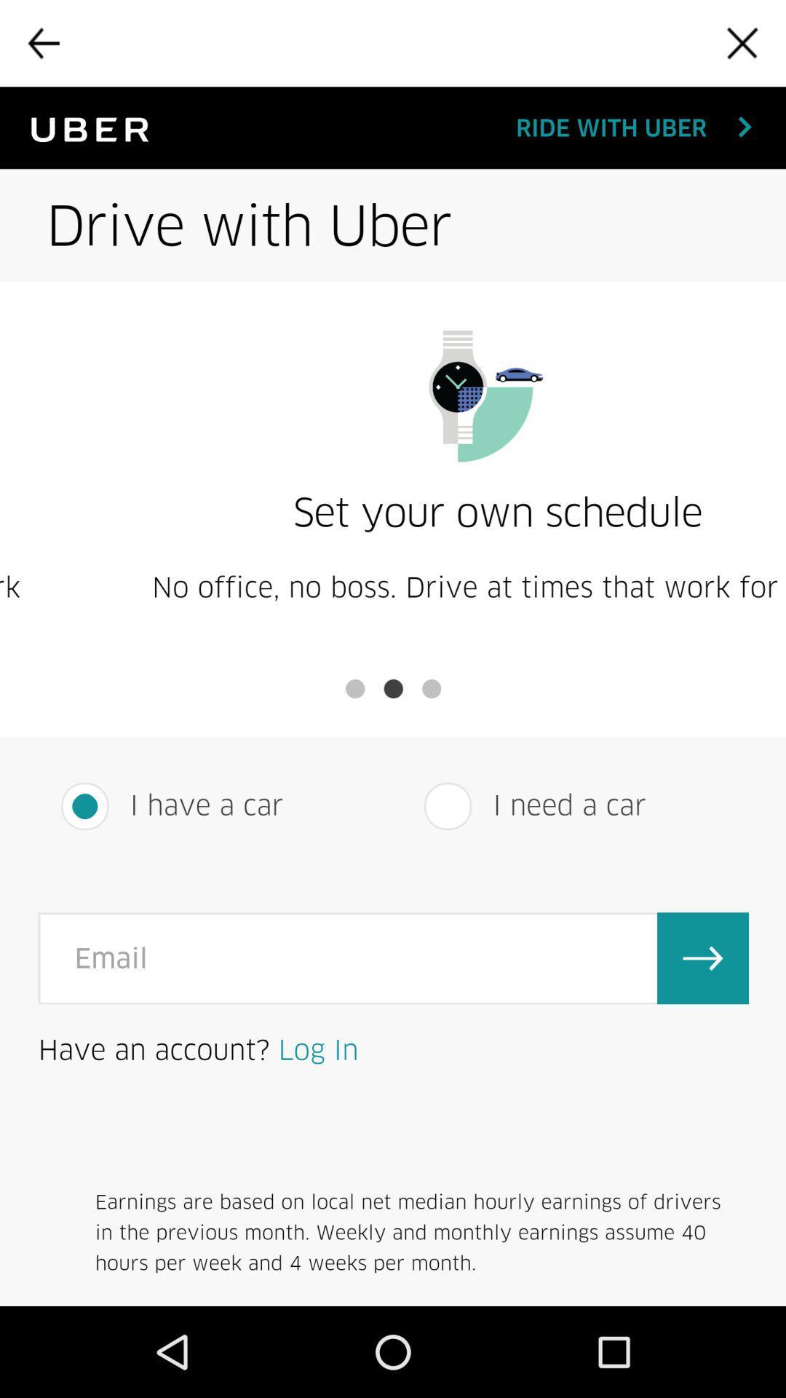  Describe the element at coordinates (42, 43) in the screenshot. I see `back button` at that location.